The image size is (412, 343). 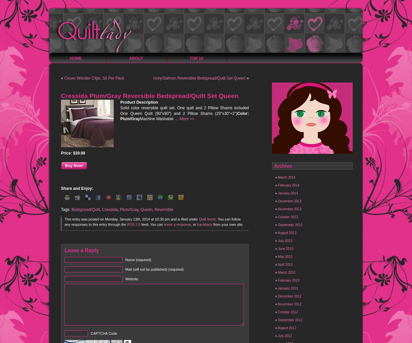 What do you see at coordinates (66, 209) in the screenshot?
I see `'Tags:'` at bounding box center [66, 209].